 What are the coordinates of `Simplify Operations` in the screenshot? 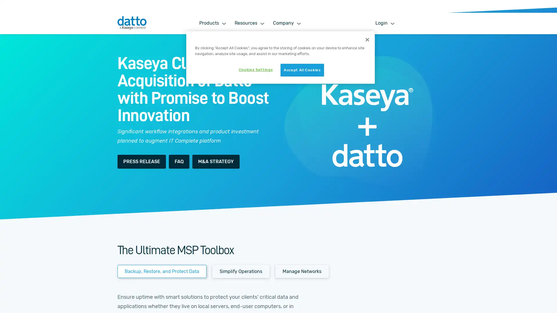 It's located at (241, 271).